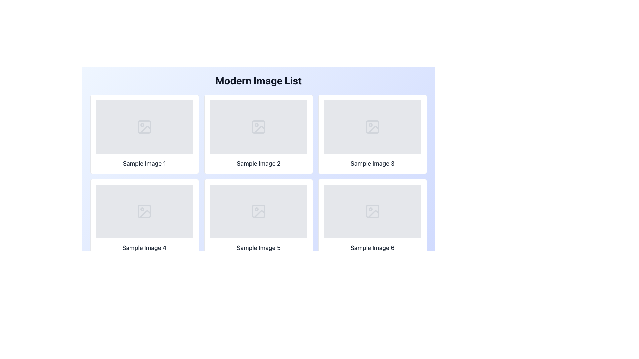  I want to click on text label displaying 'Sample Image 1', which is centered below the first image in the grid layout, so click(144, 164).